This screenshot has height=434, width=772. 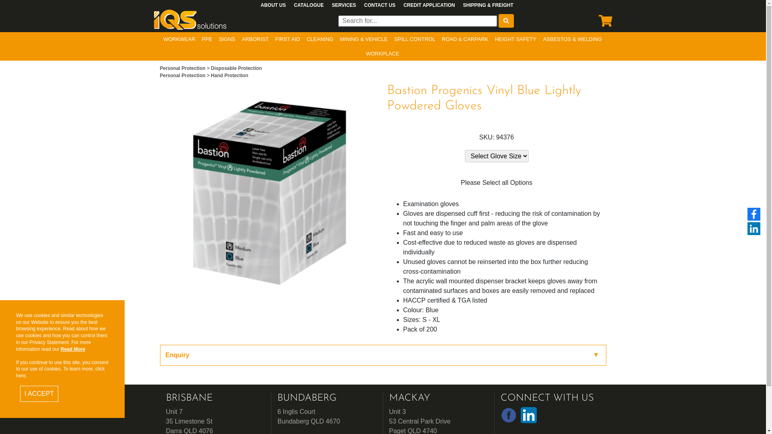 What do you see at coordinates (382, 54) in the screenshot?
I see `'WORKPLACE'` at bounding box center [382, 54].